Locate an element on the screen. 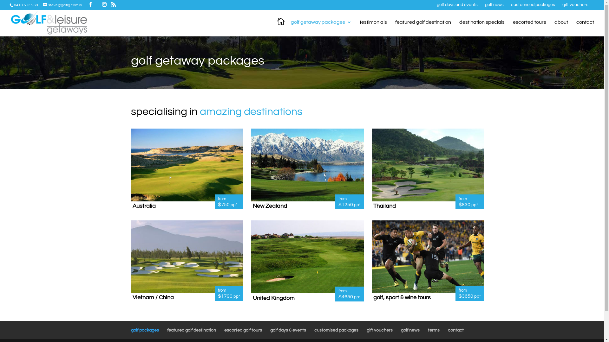 The width and height of the screenshot is (609, 342). 'steve@golflg.com.au' is located at coordinates (63, 5).